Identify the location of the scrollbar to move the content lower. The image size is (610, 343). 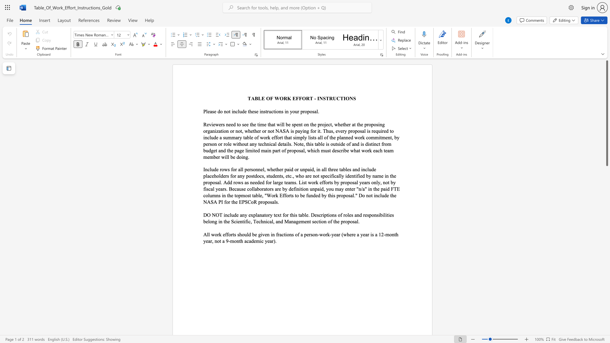
(607, 171).